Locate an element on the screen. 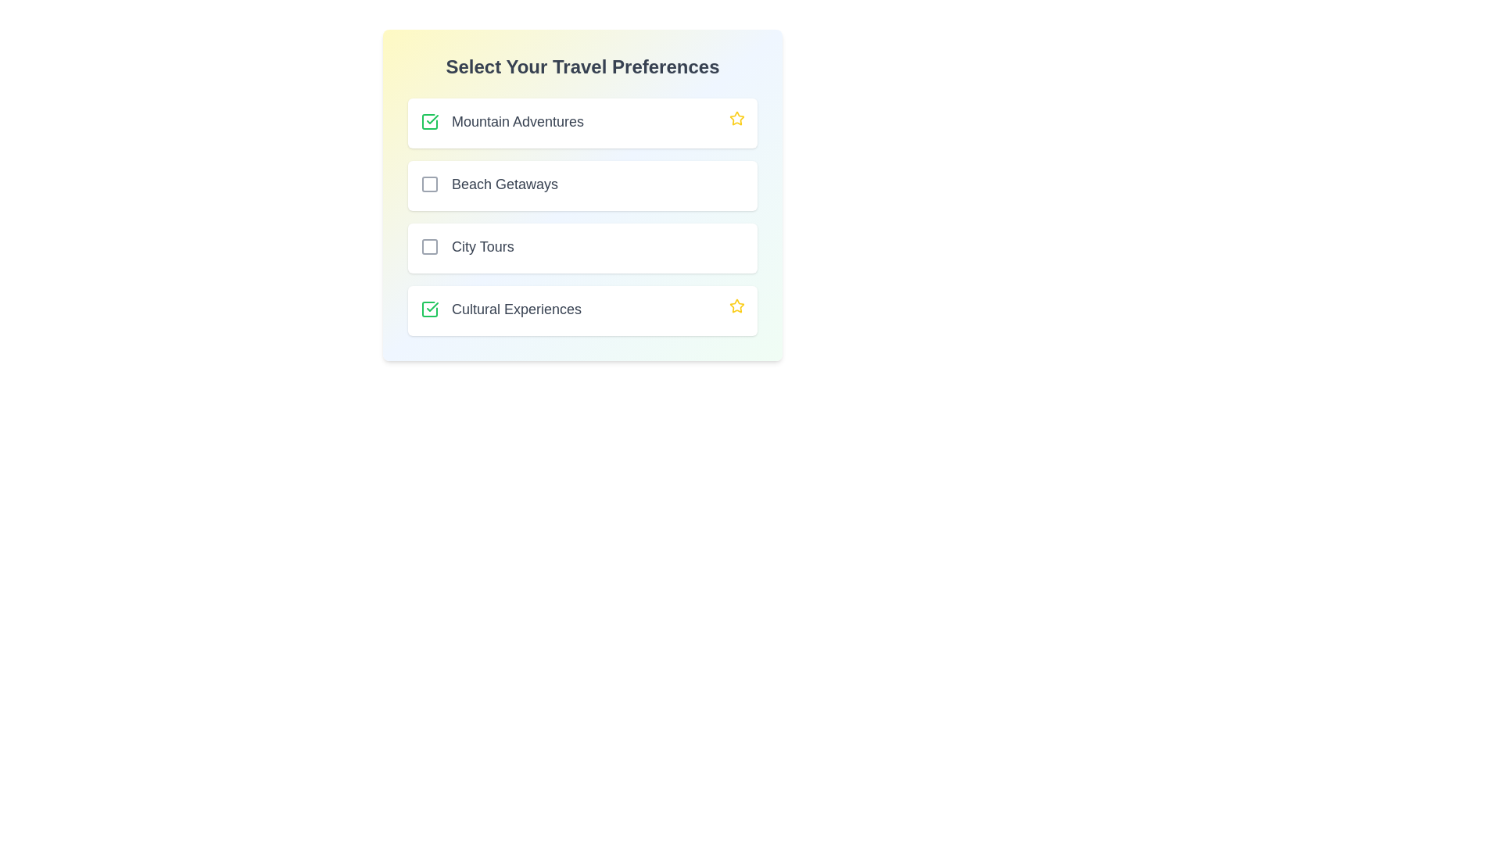  the preference Cultural Experiences is located at coordinates (430, 309).